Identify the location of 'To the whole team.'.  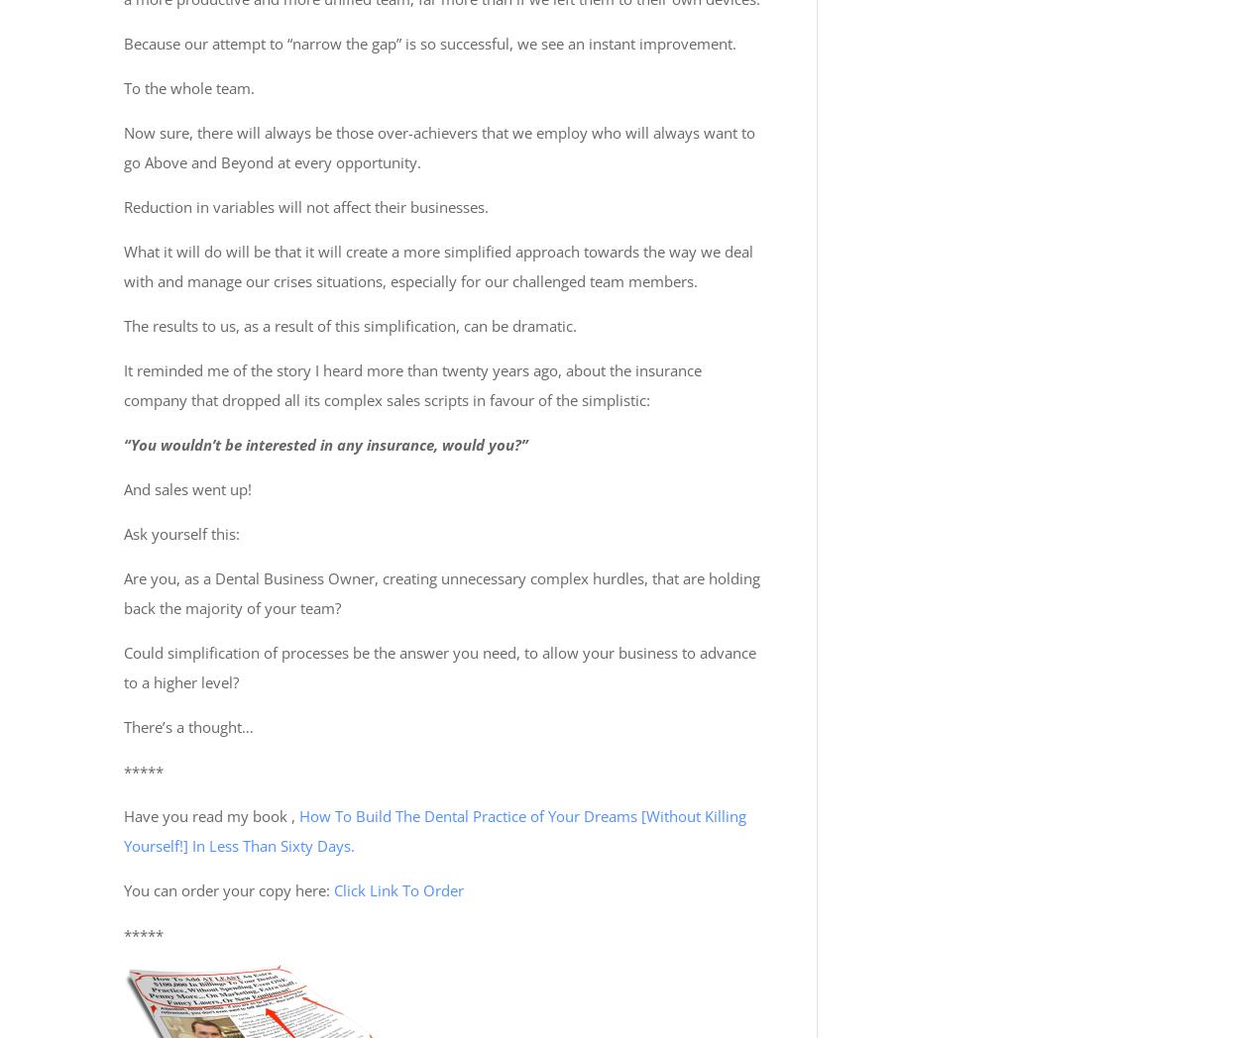
(124, 86).